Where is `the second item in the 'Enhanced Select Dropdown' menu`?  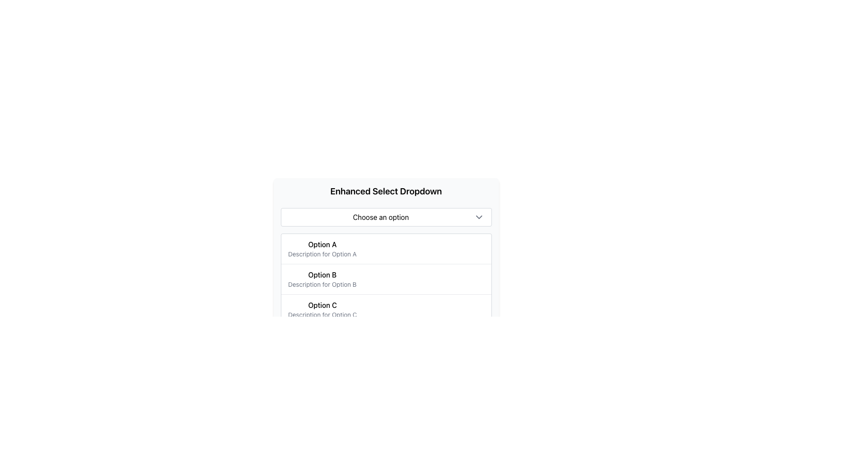 the second item in the 'Enhanced Select Dropdown' menu is located at coordinates (386, 273).